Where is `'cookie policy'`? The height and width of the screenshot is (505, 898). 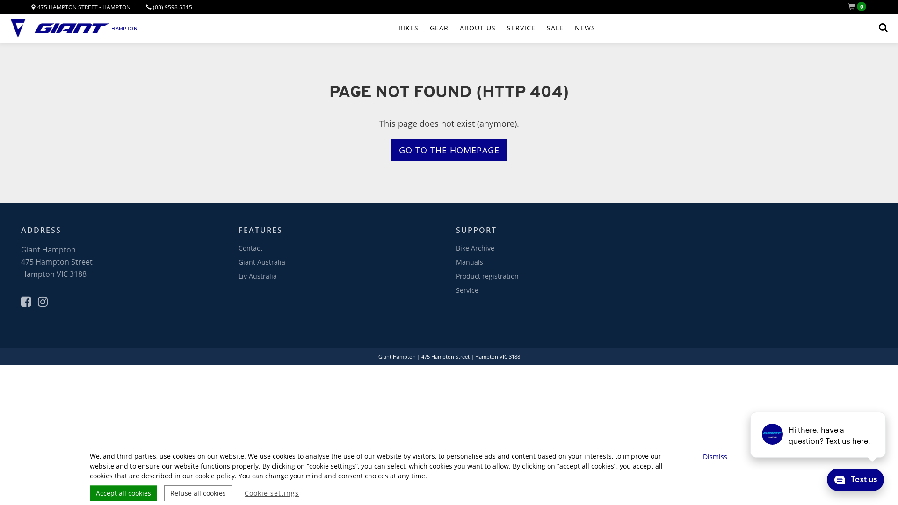
'cookie policy' is located at coordinates (214, 476).